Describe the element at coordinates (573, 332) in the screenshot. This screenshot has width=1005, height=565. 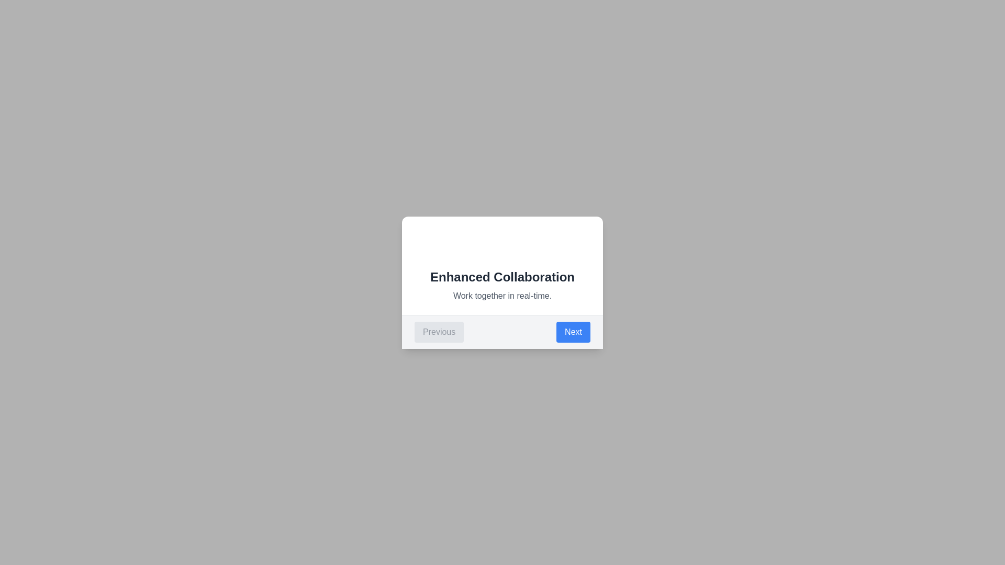
I see `the 'Next' button, which is a blue rectangular button with white text, located in the lower-right section of a panel` at that location.